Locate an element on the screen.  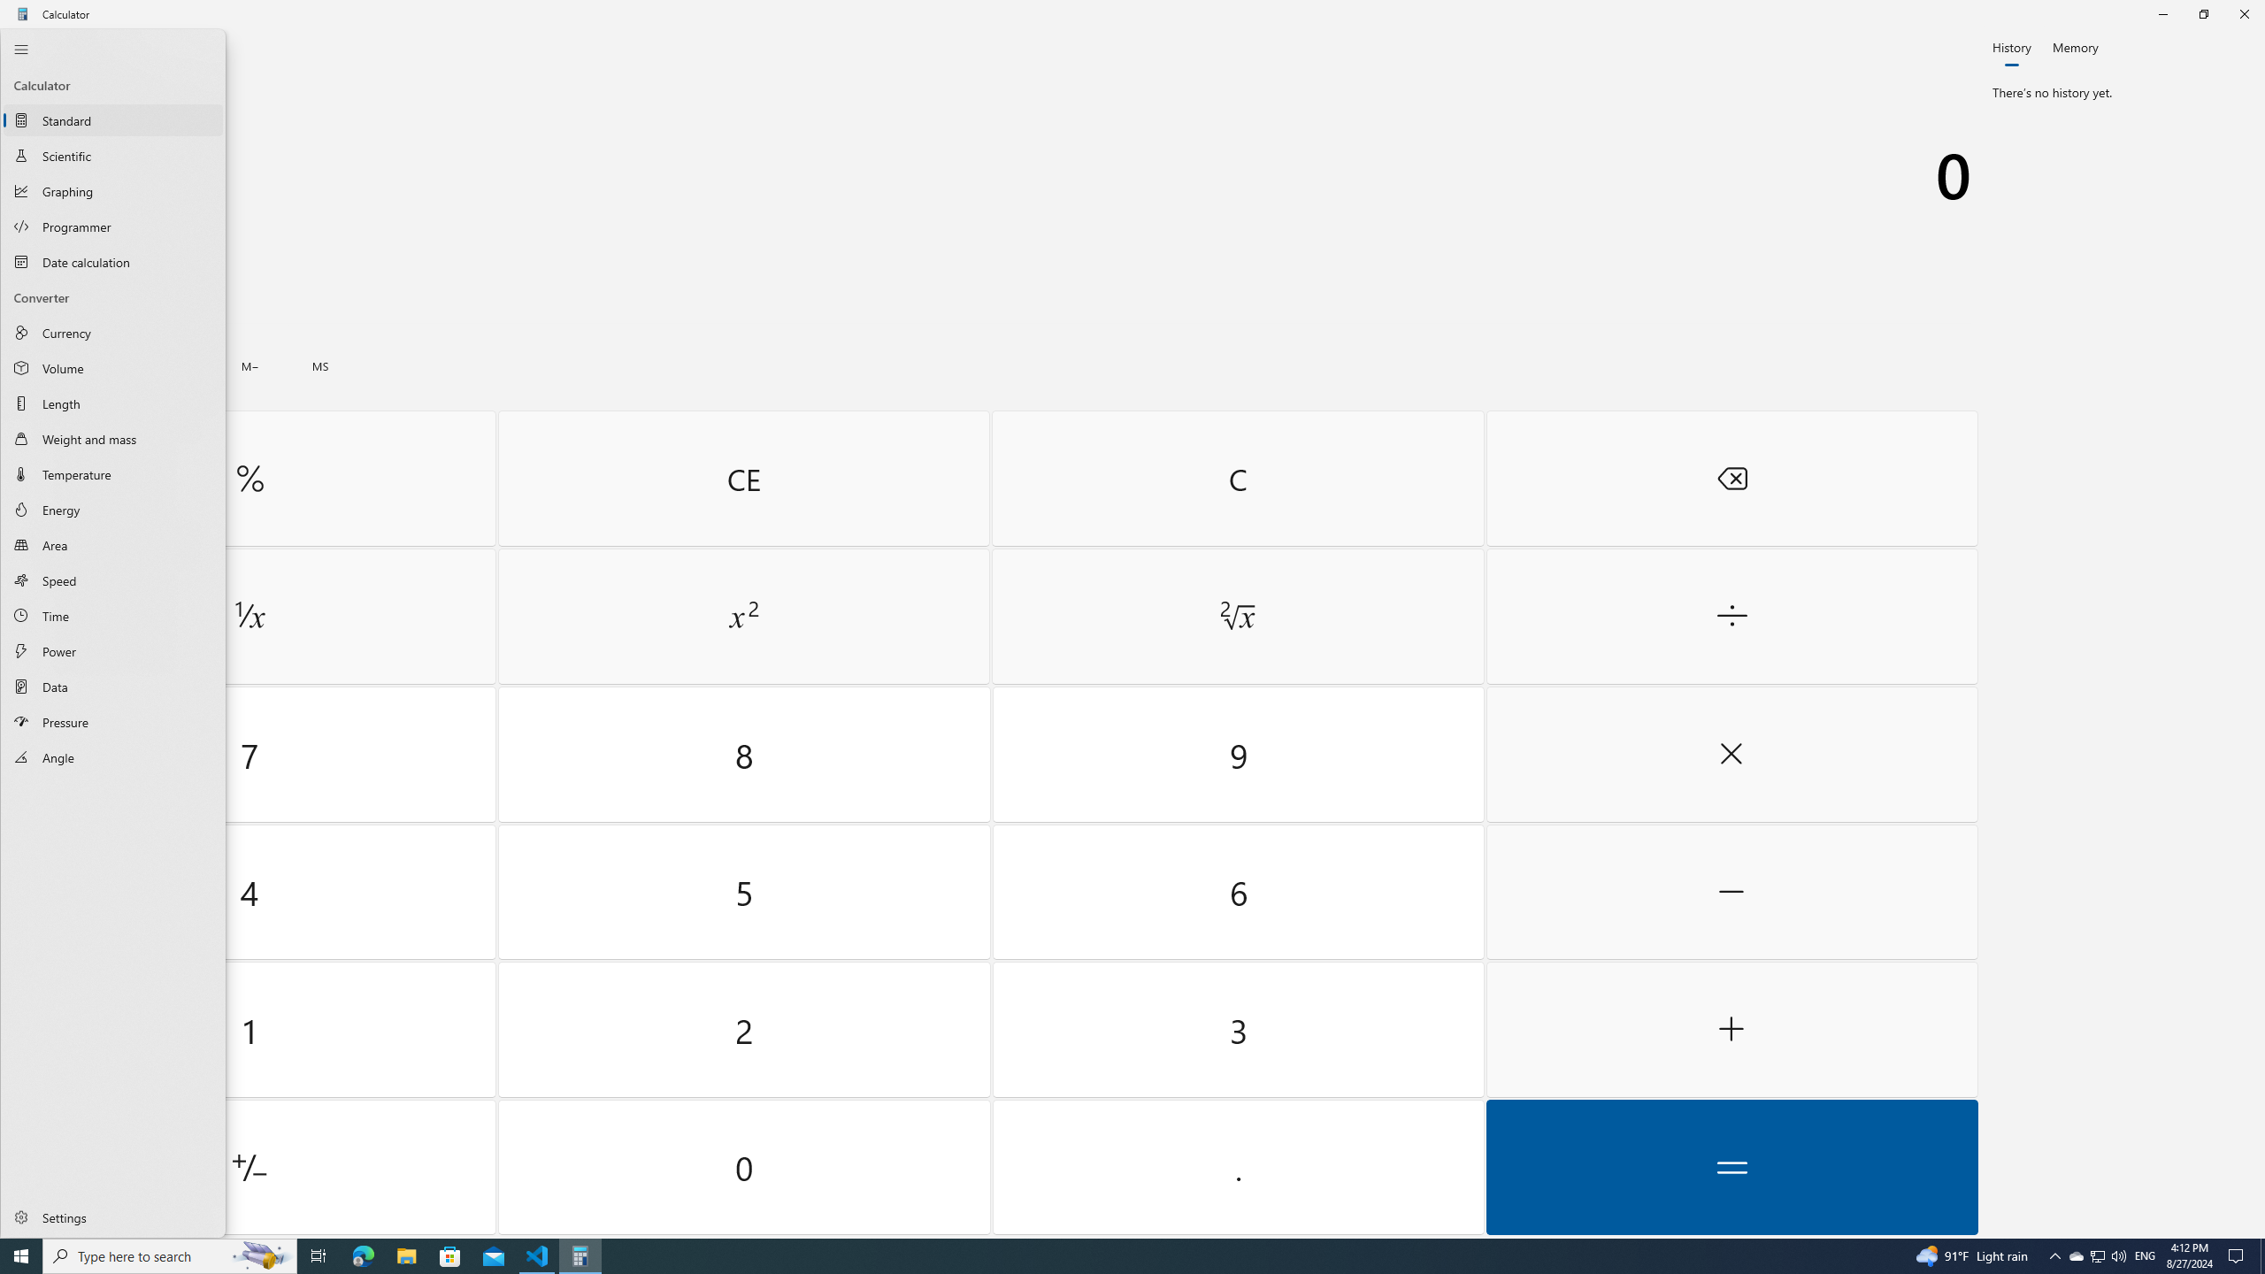
'Currency Converter' is located at coordinates (112, 332).